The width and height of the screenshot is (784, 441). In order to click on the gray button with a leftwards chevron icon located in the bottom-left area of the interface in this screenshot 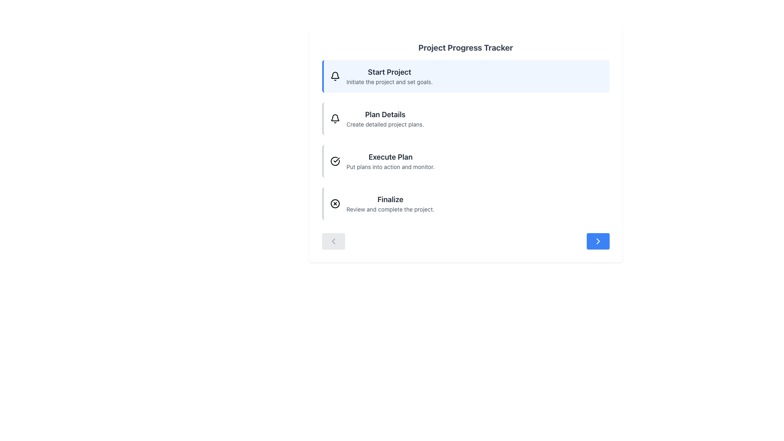, I will do `click(333, 241)`.